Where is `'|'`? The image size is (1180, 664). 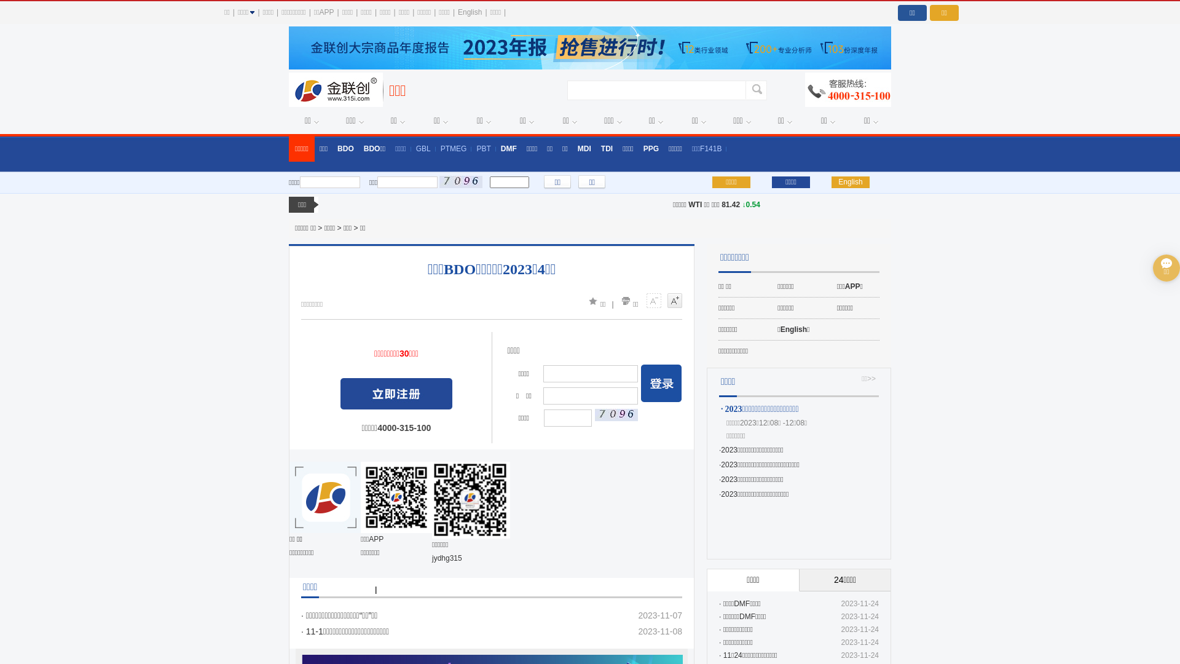 '|' is located at coordinates (375, 589).